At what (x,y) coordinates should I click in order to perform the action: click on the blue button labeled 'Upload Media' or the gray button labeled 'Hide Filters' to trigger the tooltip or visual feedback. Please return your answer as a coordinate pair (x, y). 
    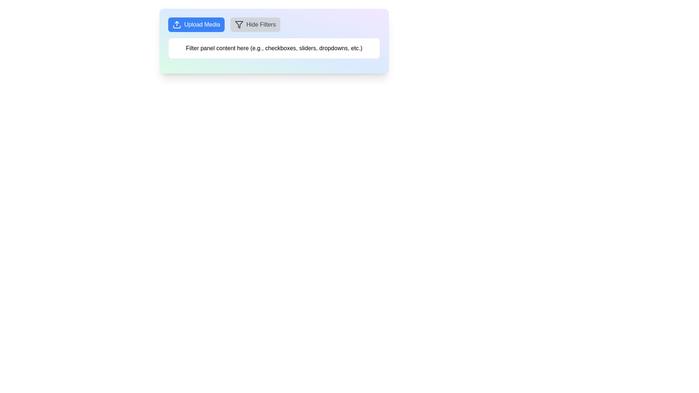
    Looking at the image, I should click on (274, 24).